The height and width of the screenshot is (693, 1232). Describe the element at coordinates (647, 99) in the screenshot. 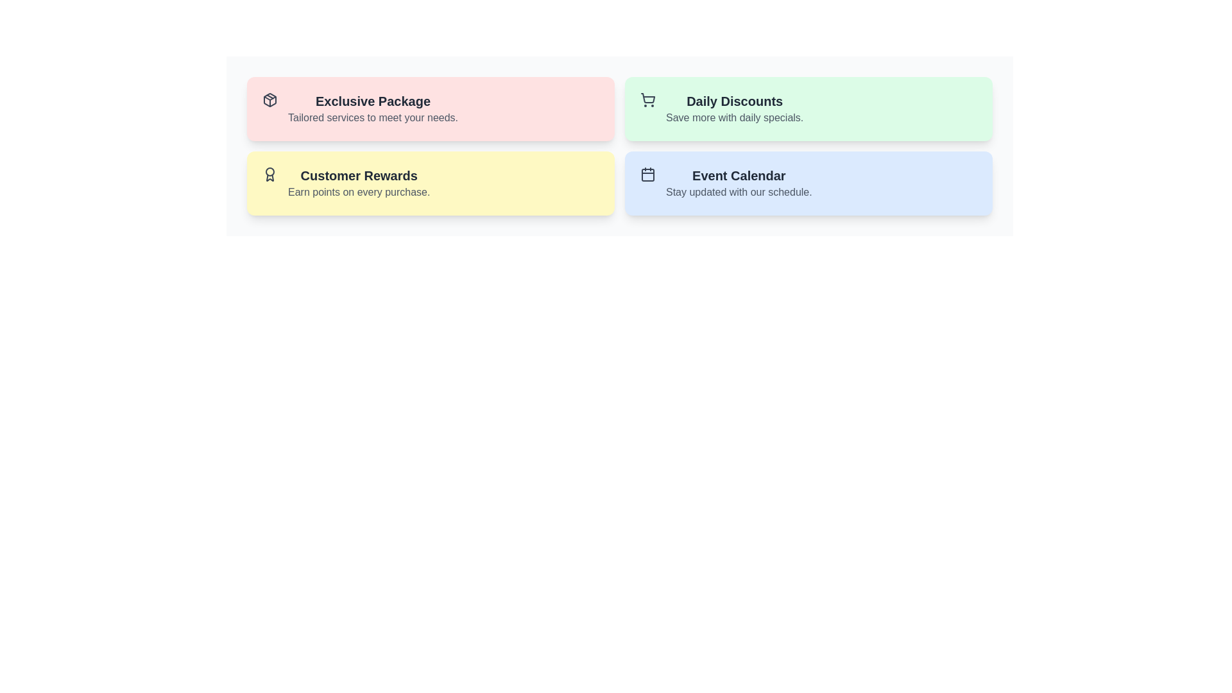

I see `the shopping cart icon, which is styled in gray and located at the leftmost position within the green card labeled 'Daily Discounts'` at that location.